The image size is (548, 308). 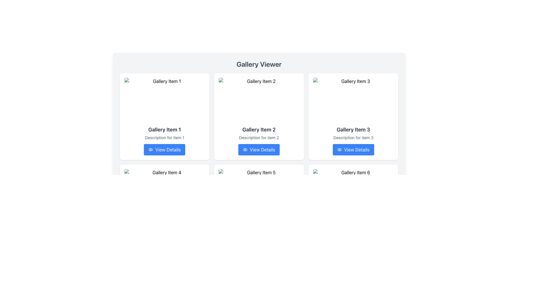 What do you see at coordinates (164, 100) in the screenshot?
I see `the image placeholder labeled 'Item 1' located at the top of the card titled 'Gallery Item 1' in the first column of the gallery grid` at bounding box center [164, 100].